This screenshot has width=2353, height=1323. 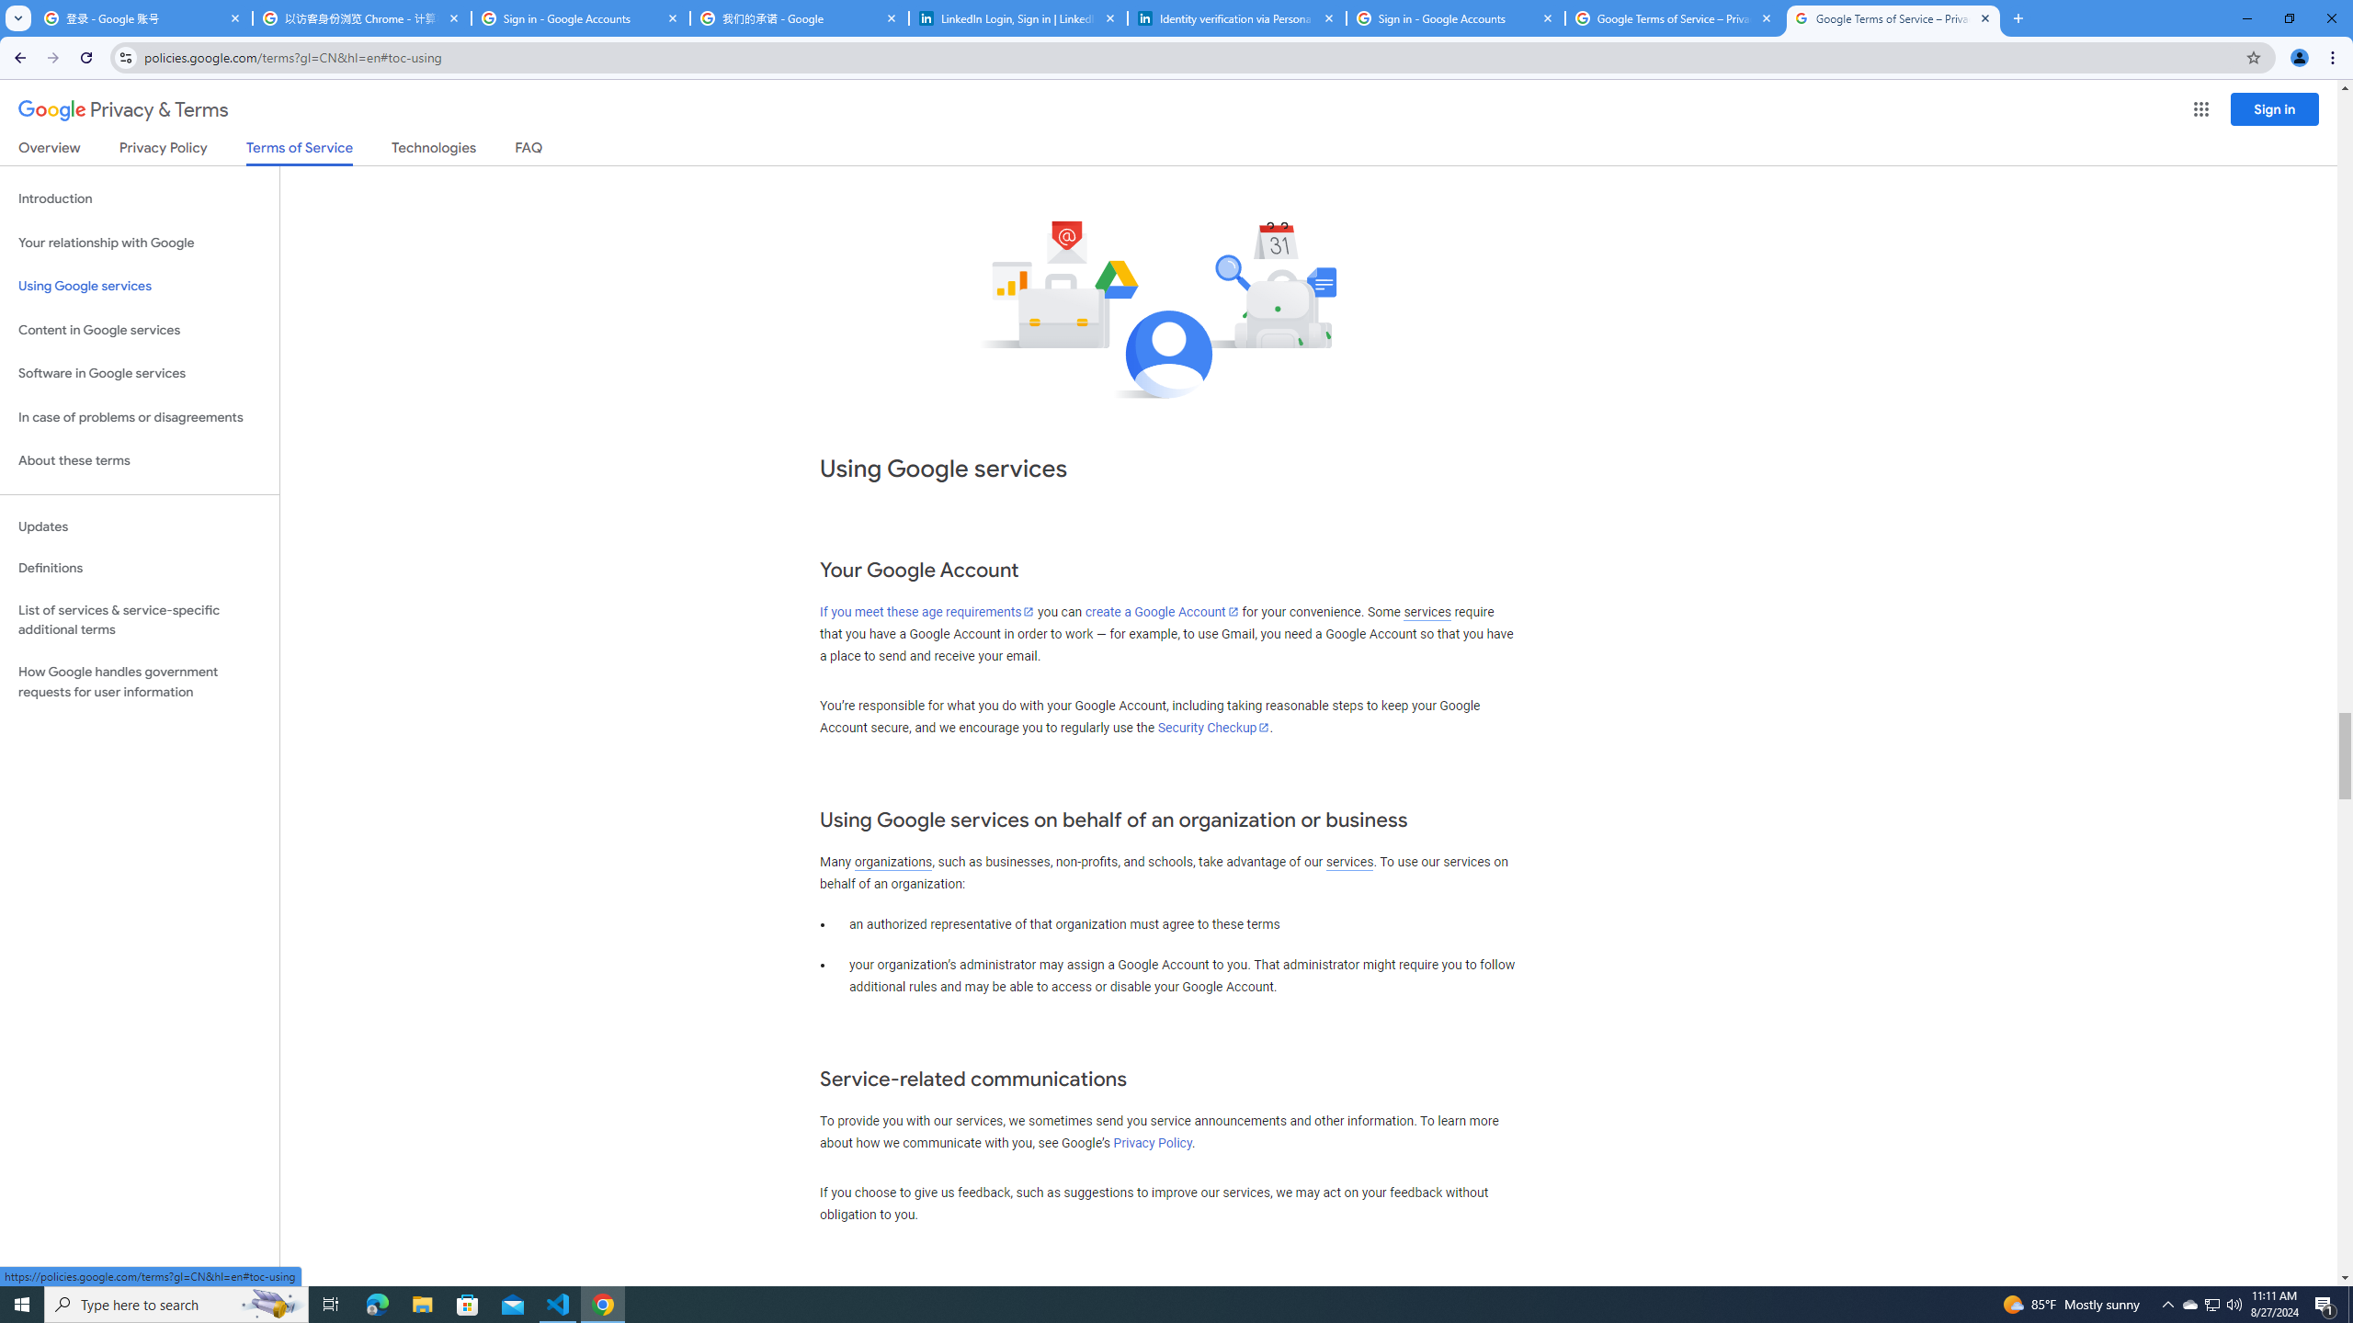 I want to click on 'LinkedIn Login, Sign in | LinkedIn', so click(x=1018, y=17).